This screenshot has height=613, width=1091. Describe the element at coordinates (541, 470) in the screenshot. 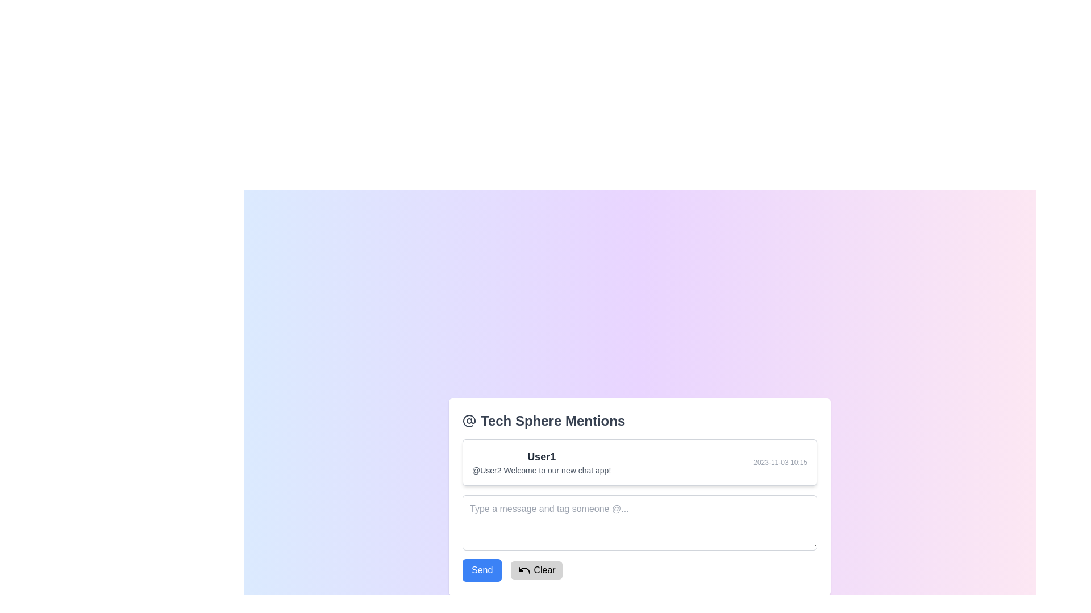

I see `the text label displaying a message tagged to user '@User2', located directly below the bold username 'User1' in the chat interface` at that location.